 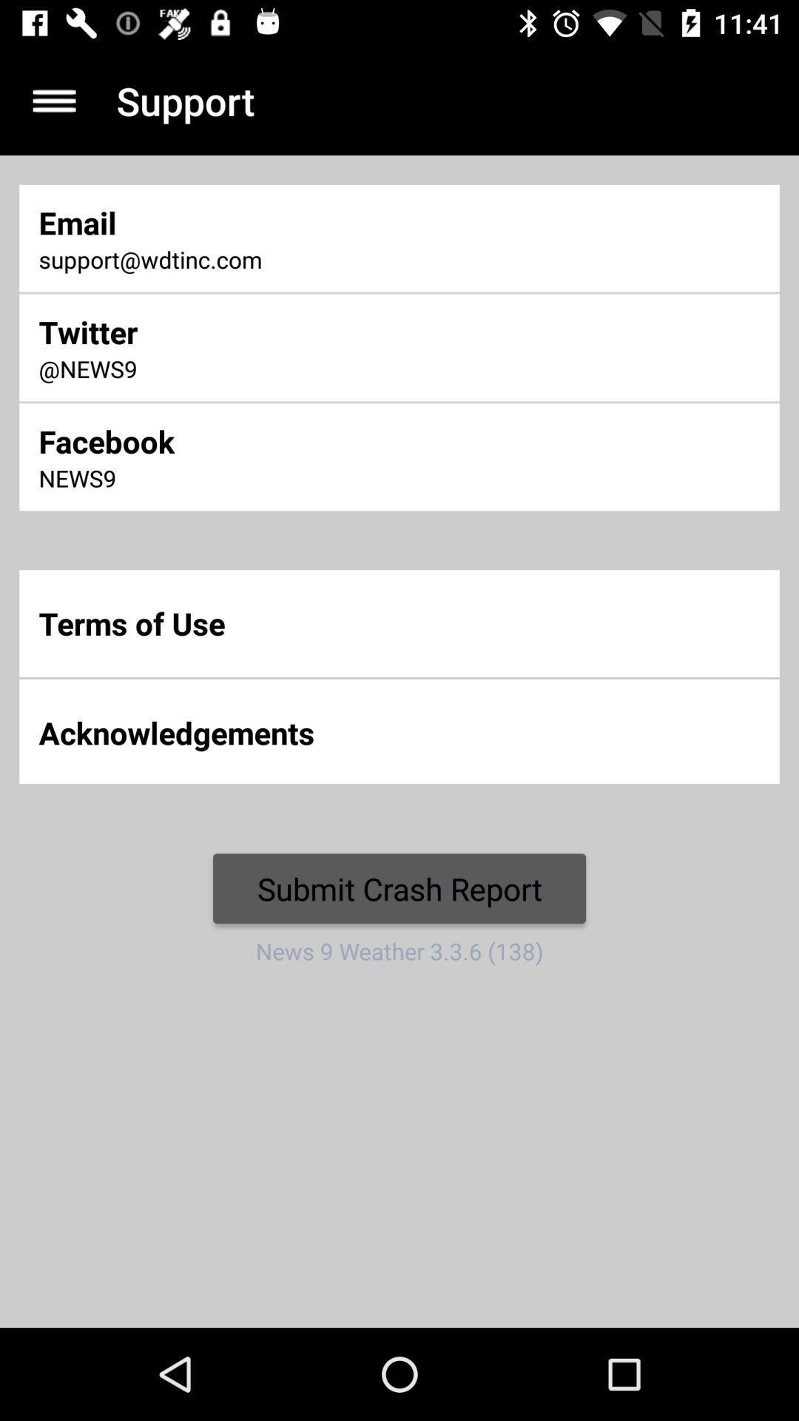 What do you see at coordinates (53, 100) in the screenshot?
I see `navigation menu` at bounding box center [53, 100].